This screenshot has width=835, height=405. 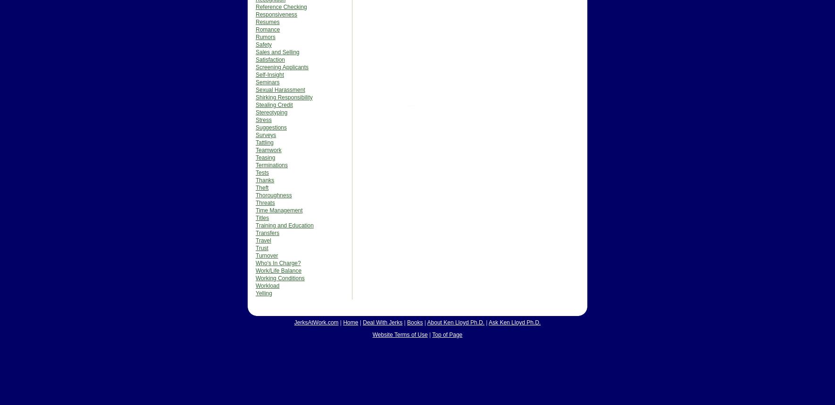 What do you see at coordinates (255, 89) in the screenshot?
I see `'Sexual Harassment'` at bounding box center [255, 89].